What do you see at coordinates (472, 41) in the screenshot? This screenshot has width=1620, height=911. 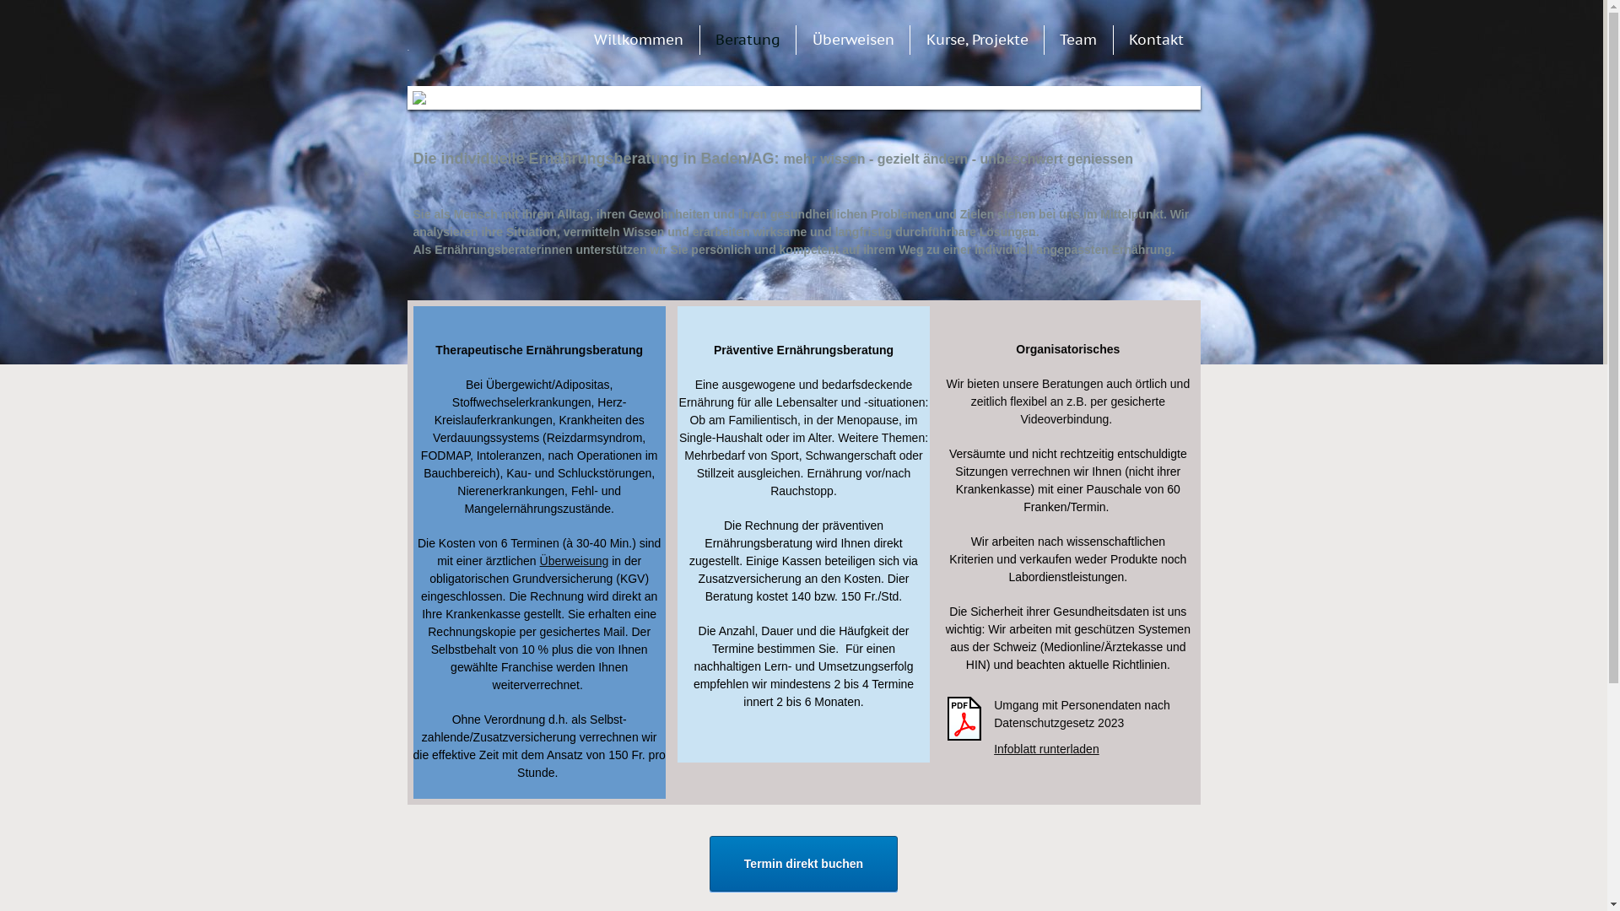 I see `'.'` at bounding box center [472, 41].